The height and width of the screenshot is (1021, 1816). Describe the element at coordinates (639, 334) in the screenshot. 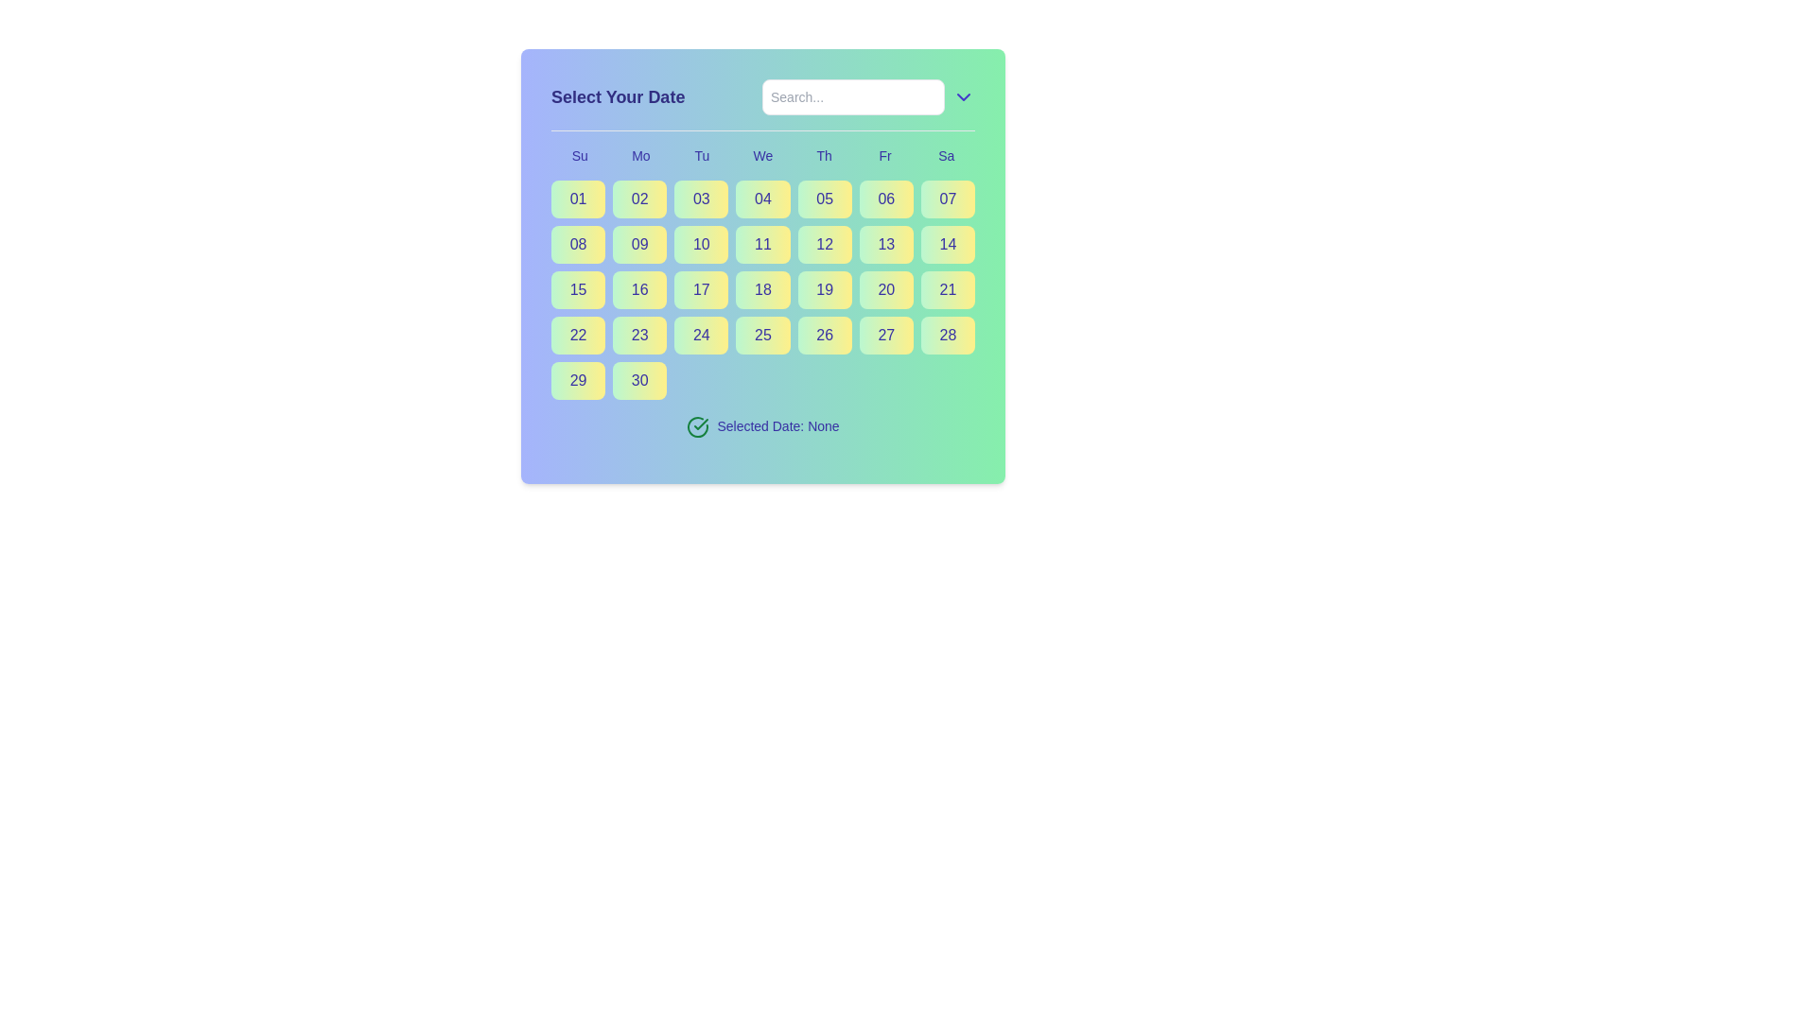

I see `the button for selecting the date '23' in the calendar interface, located in the fourth row and third column of the grid layout, adjacent to buttons '22' and '24'` at that location.